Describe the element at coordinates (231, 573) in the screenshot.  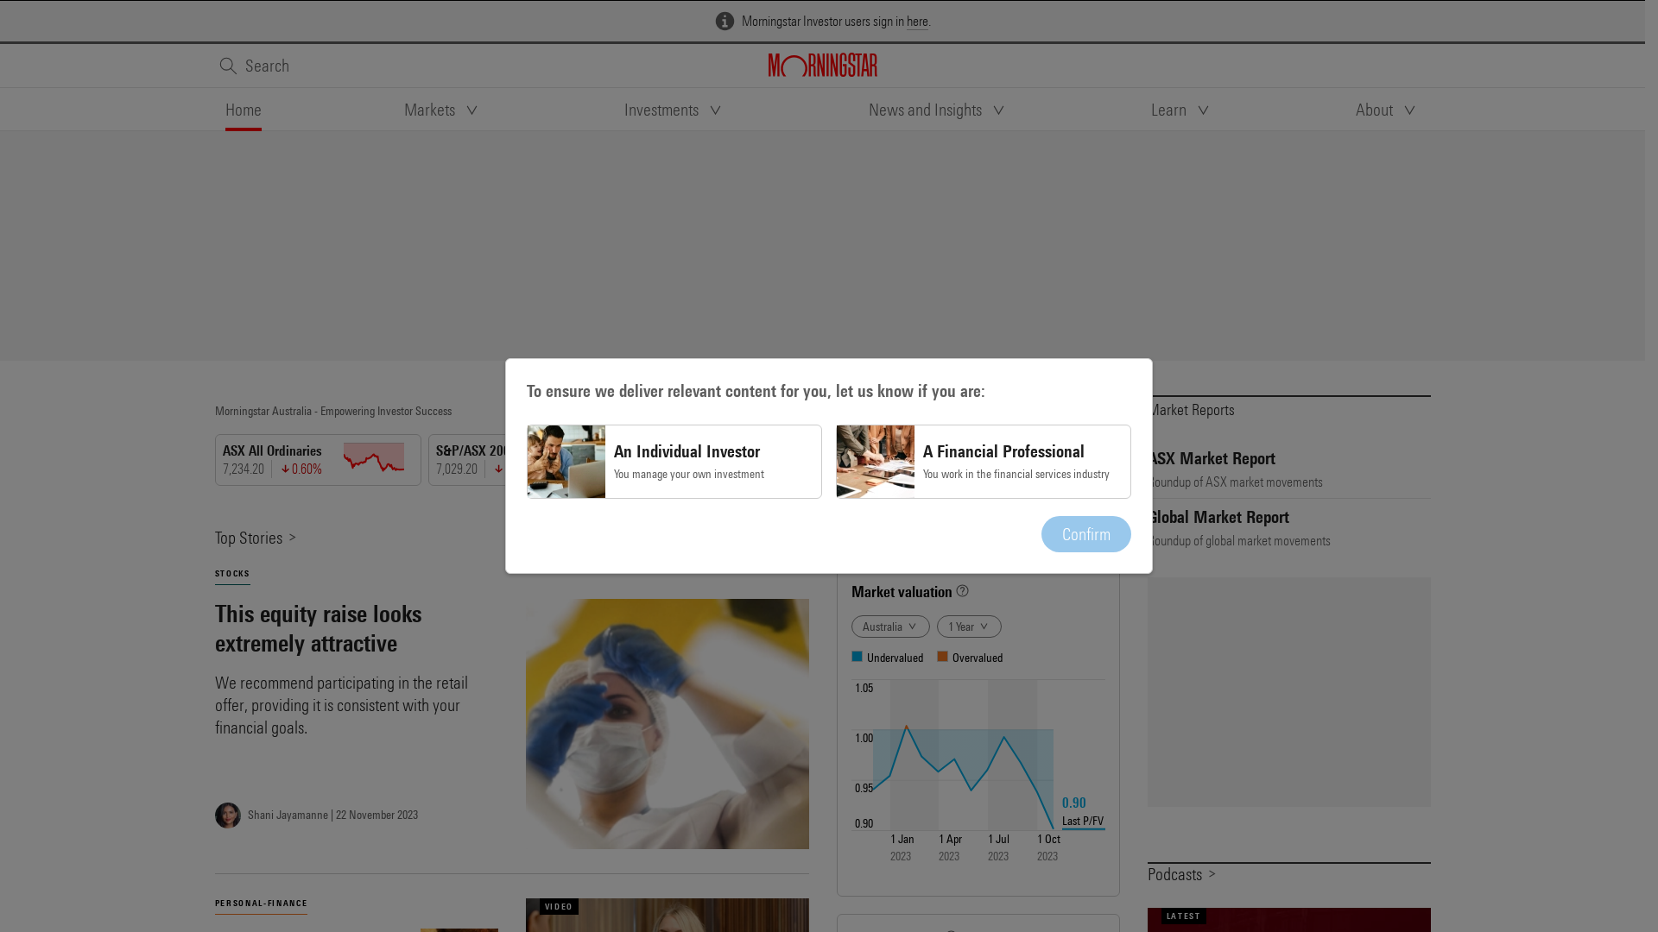
I see `'STOCKS'` at that location.